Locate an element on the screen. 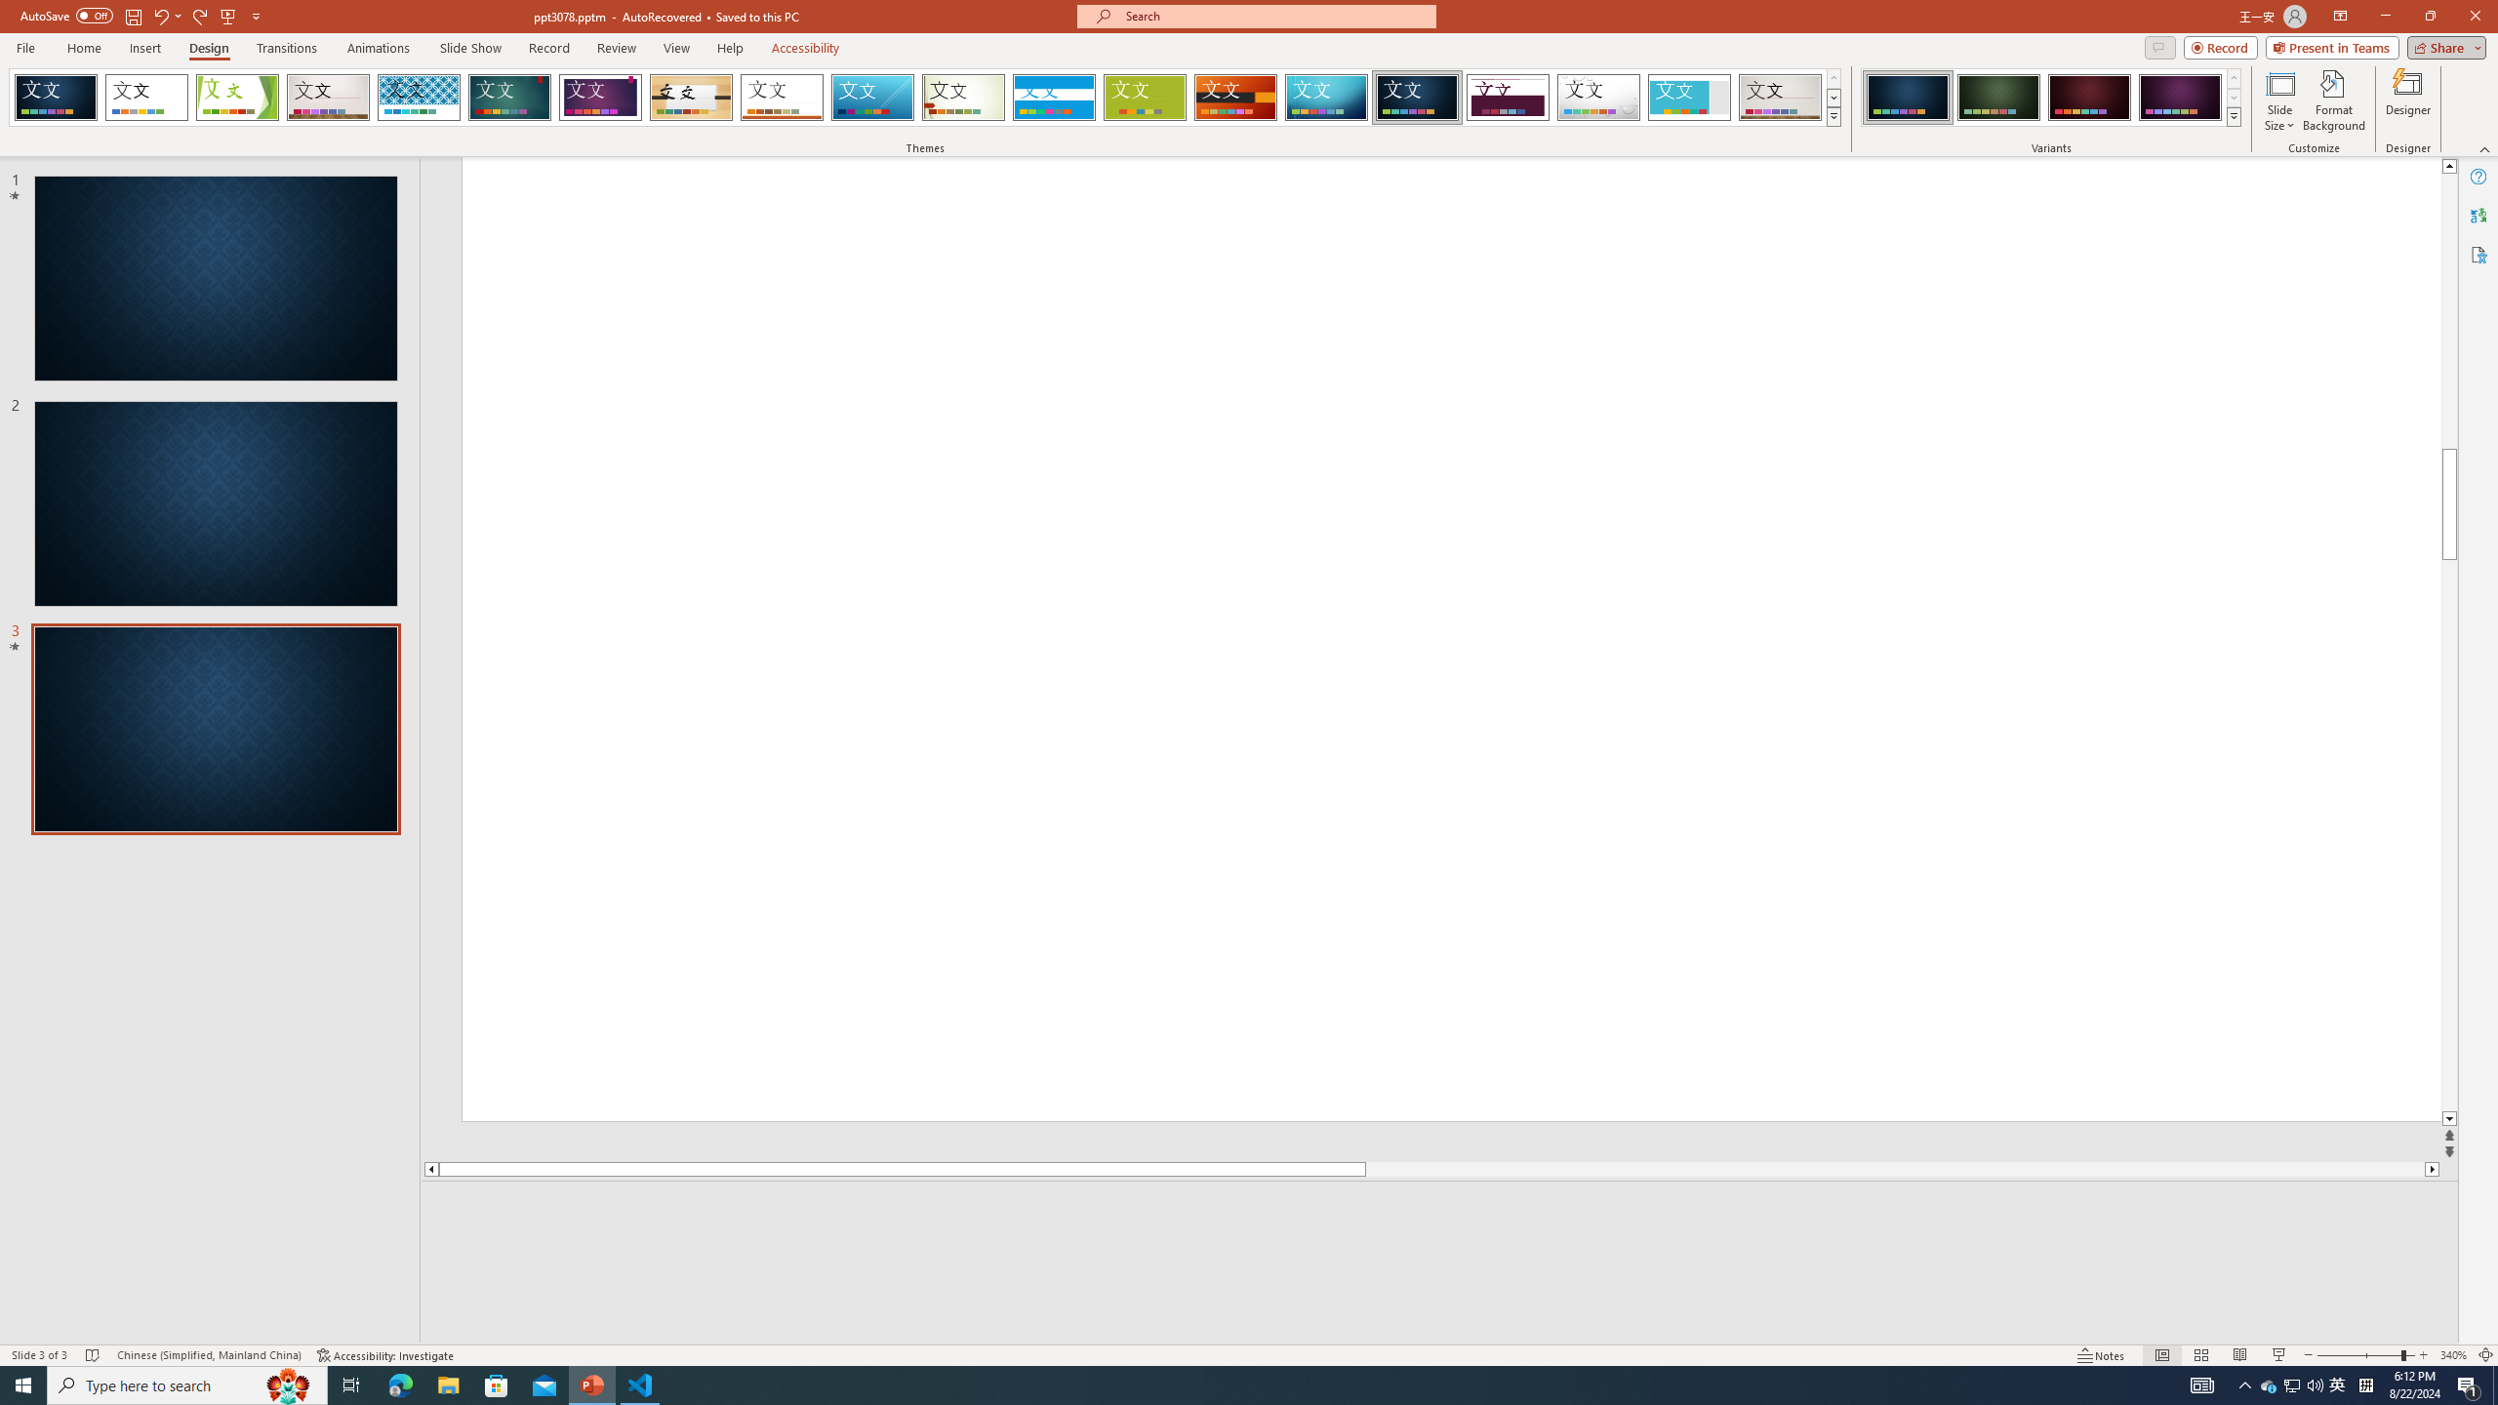 The image size is (2498, 1405). 'Banded' is located at coordinates (1054, 97).